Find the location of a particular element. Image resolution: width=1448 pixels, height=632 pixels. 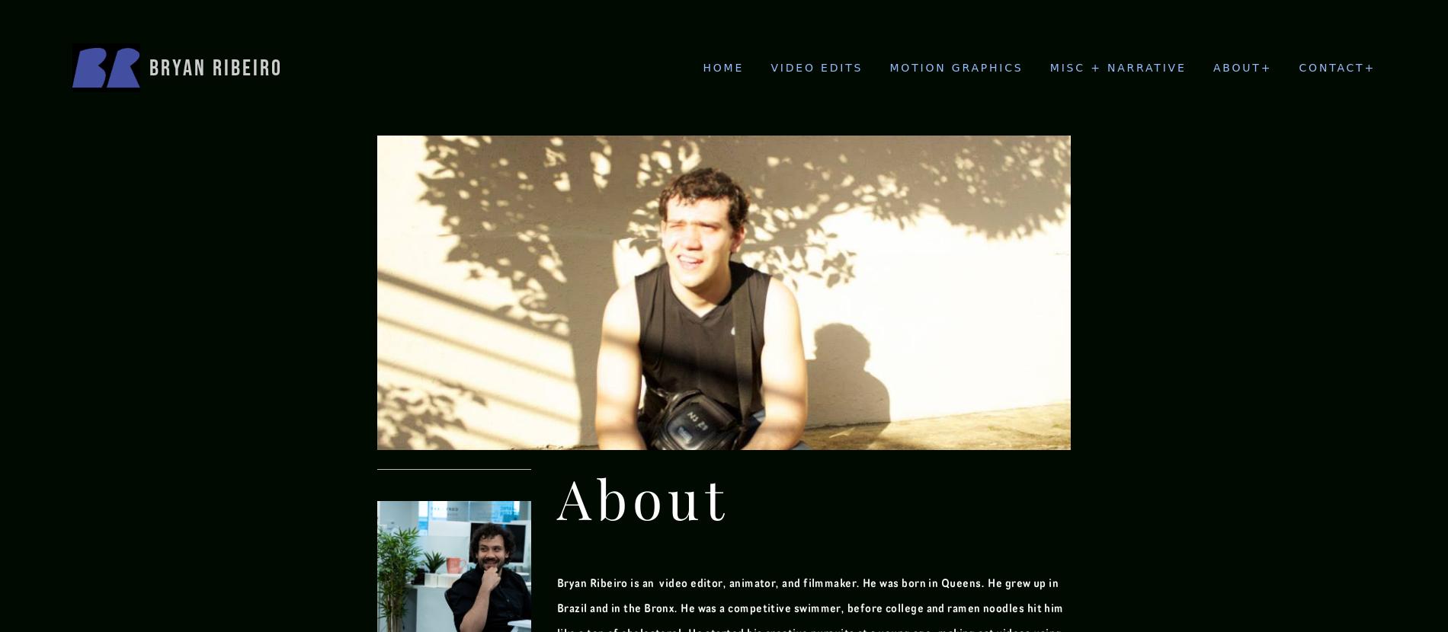

'Contact+' is located at coordinates (1297, 66).